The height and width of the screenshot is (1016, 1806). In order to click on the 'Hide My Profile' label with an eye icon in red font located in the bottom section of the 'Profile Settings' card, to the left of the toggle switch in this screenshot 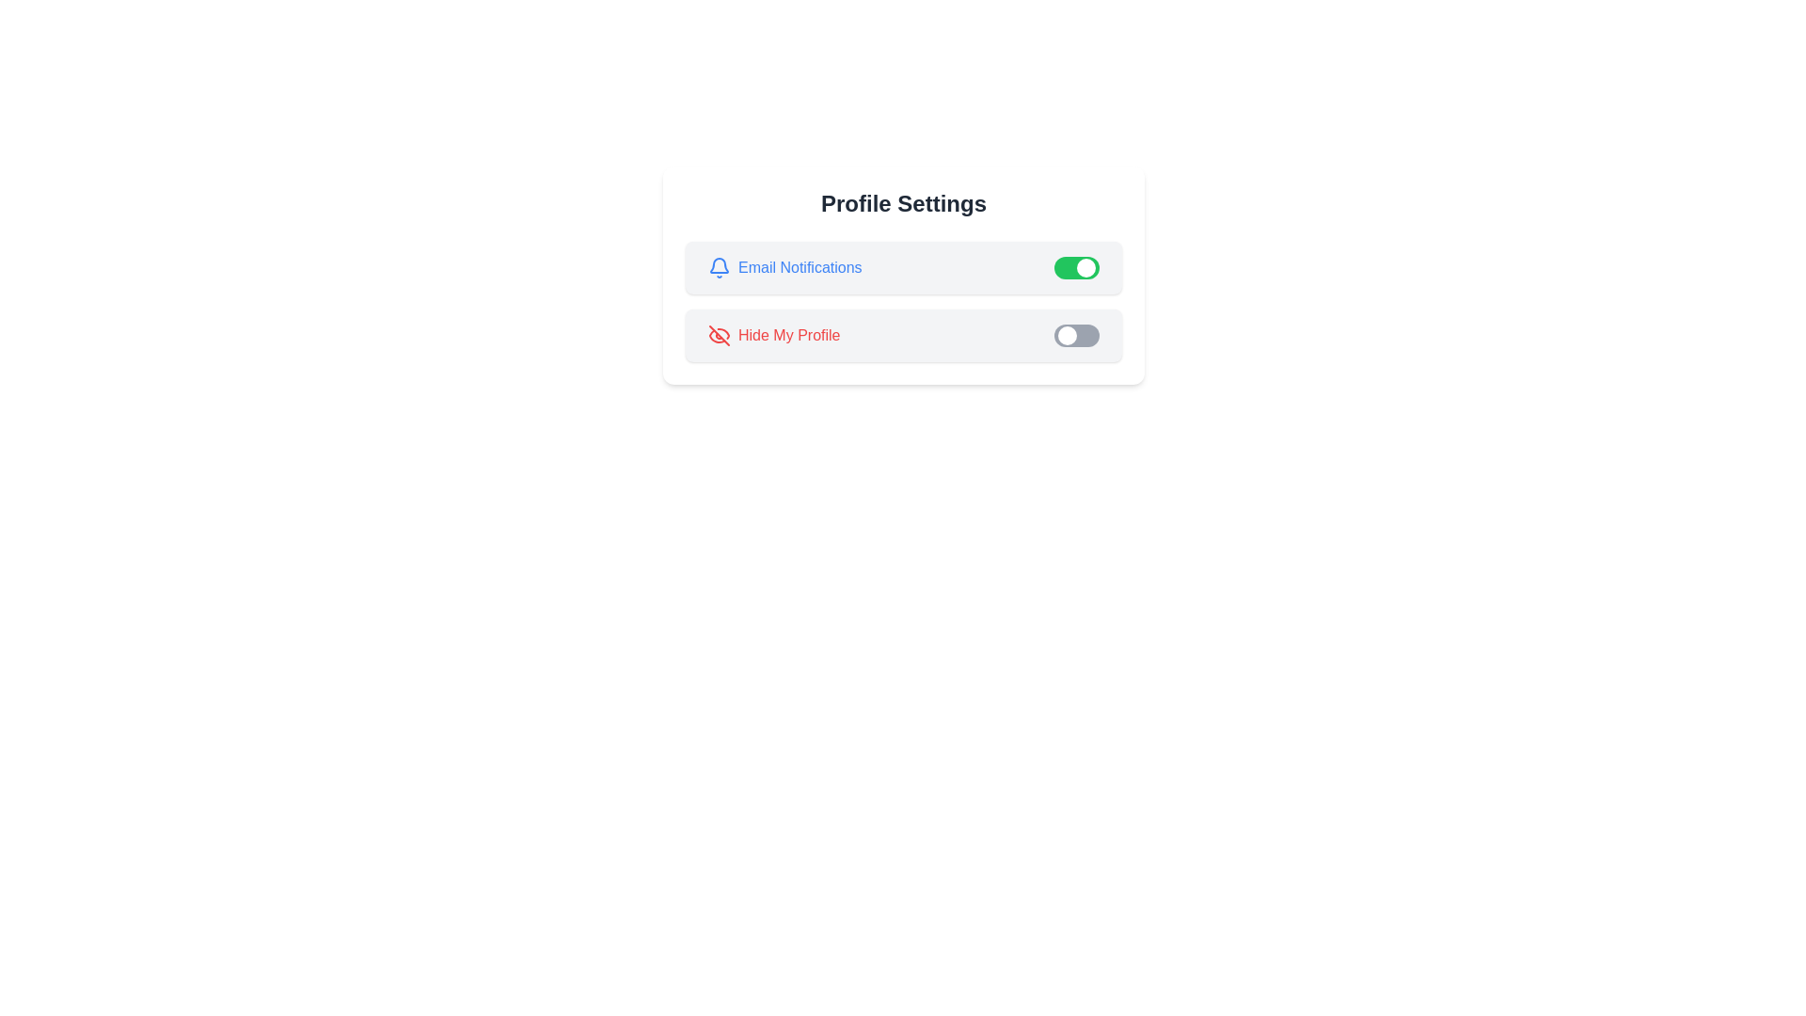, I will do `click(774, 335)`.